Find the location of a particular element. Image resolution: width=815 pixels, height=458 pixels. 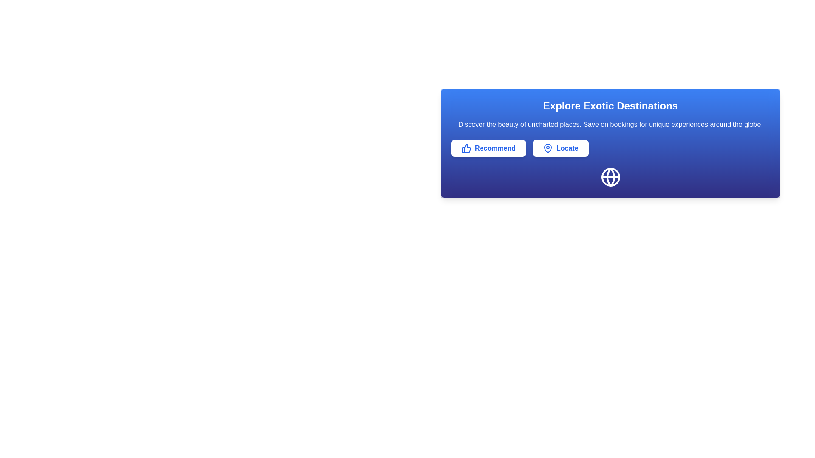

the 'Locate' button, which is the second button in a row of two buttons, featuring a bold blue font and a map-pin icon is located at coordinates (560, 148).